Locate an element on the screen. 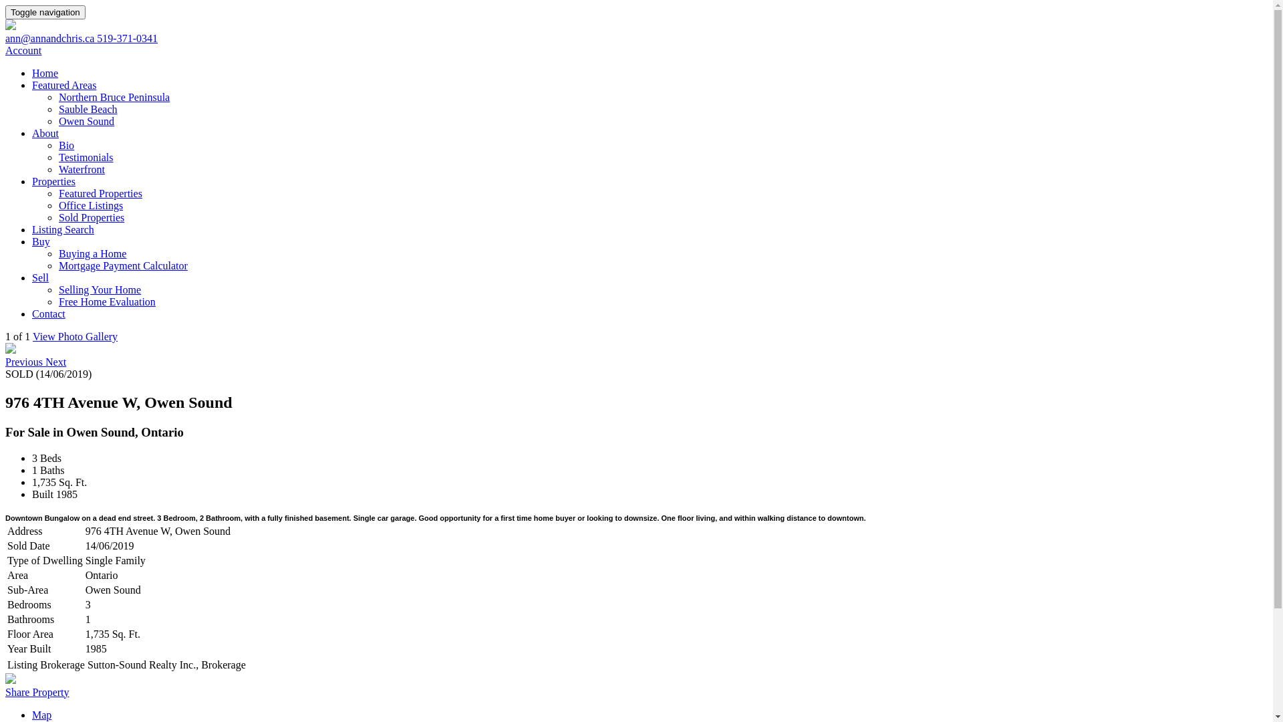 This screenshot has width=1283, height=722. 'Map' is located at coordinates (41, 714).